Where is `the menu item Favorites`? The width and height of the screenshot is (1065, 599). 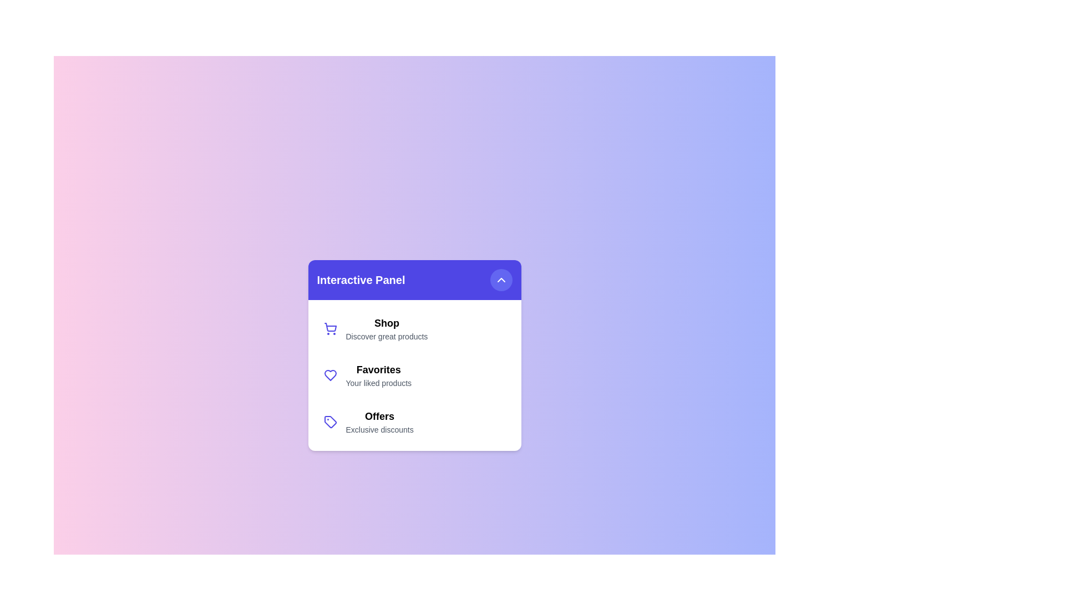
the menu item Favorites is located at coordinates (414, 375).